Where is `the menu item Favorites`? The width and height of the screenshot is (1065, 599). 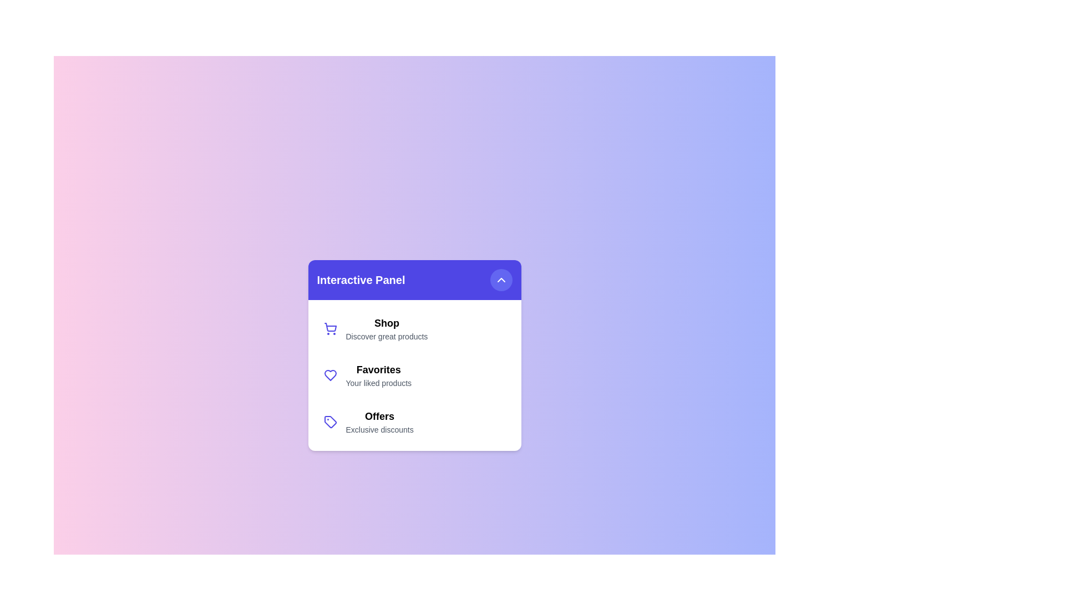
the menu item Favorites is located at coordinates (414, 375).